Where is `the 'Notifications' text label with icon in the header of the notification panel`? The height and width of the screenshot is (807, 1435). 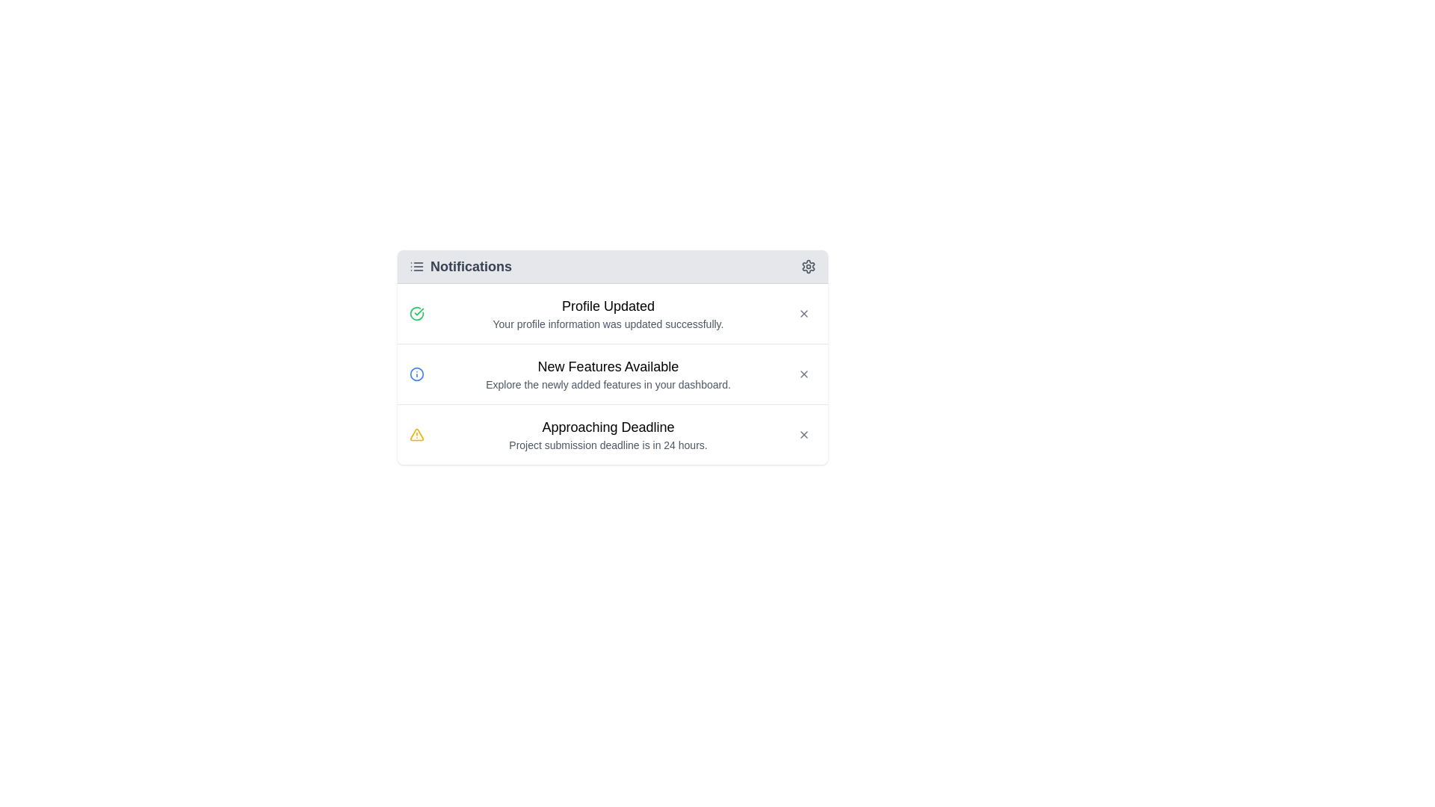
the 'Notifications' text label with icon in the header of the notification panel is located at coordinates (460, 266).